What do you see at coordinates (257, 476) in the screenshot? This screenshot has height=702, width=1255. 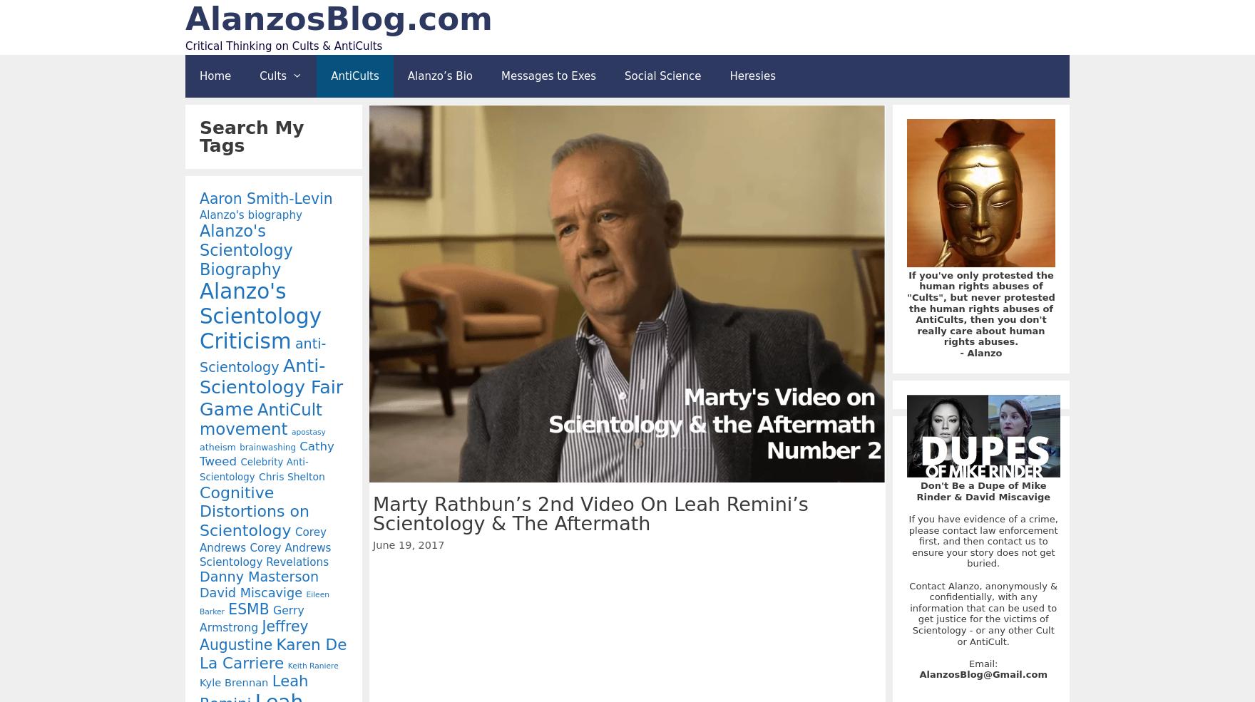 I see `'Chris Shelton'` at bounding box center [257, 476].